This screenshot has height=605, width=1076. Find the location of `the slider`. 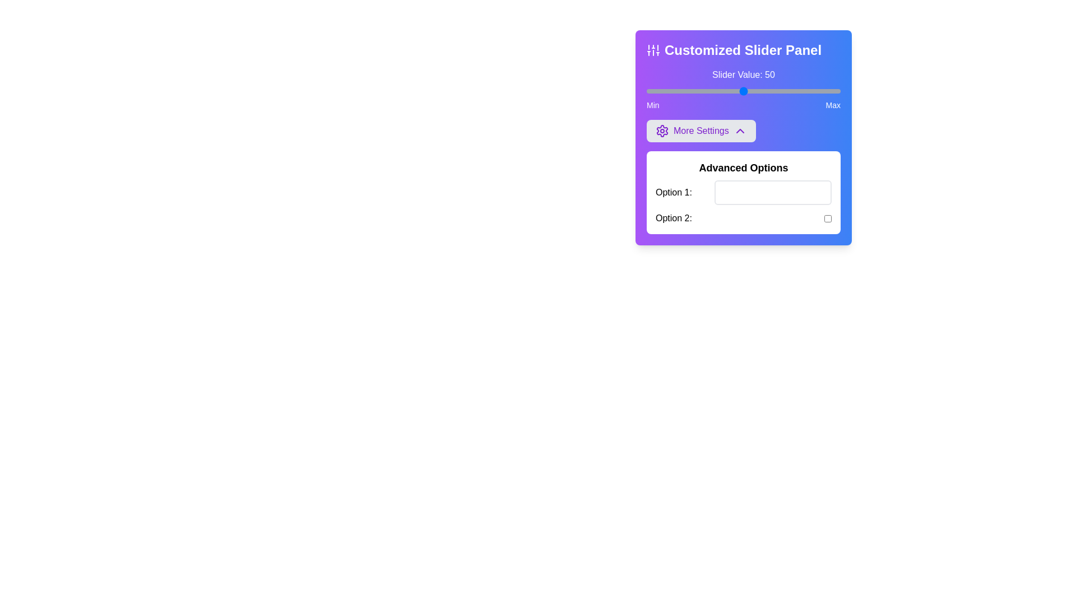

the slider is located at coordinates (700, 90).